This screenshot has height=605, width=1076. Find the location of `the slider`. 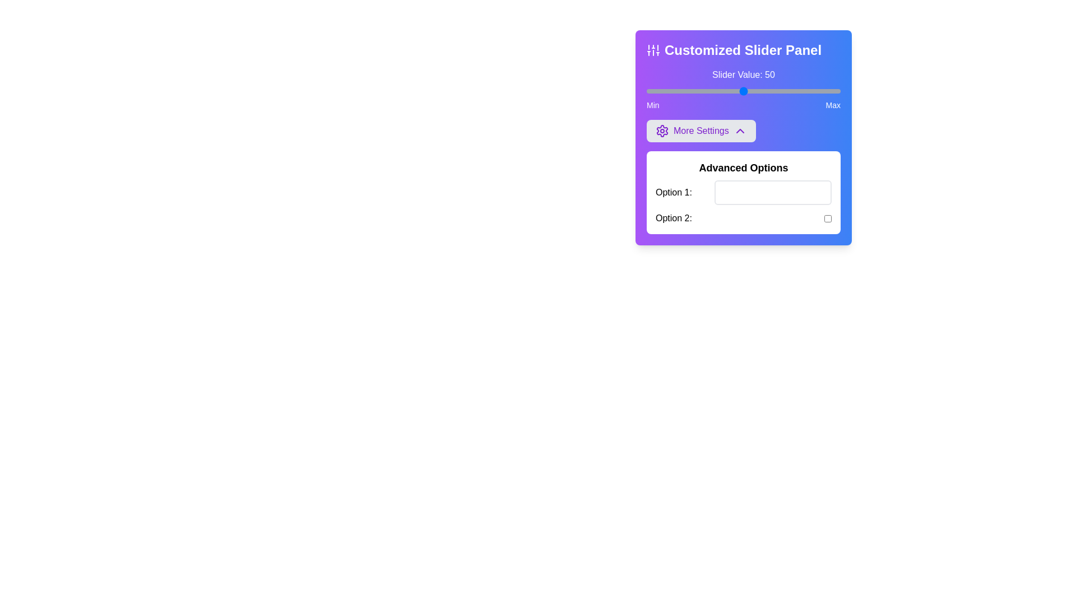

the slider is located at coordinates (700, 90).